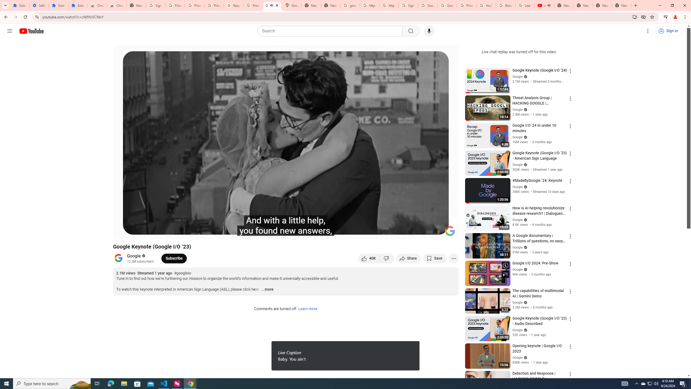 This screenshot has width=691, height=389. I want to click on 'Autoplay is on', so click(384, 233).